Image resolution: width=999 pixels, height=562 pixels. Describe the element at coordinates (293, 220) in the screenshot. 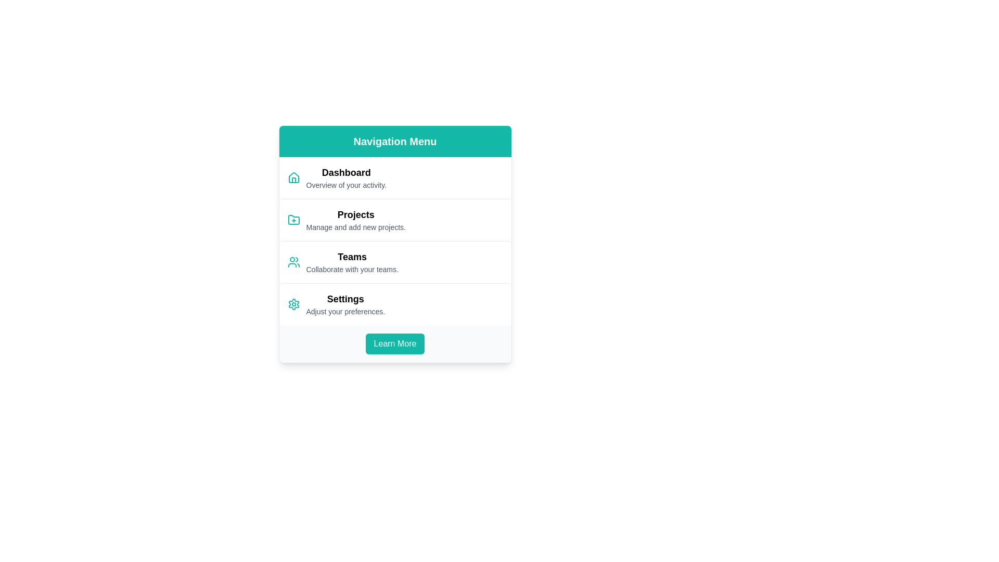

I see `the folder-shaped icon with a plus sign in the 'Projects' section of the navigation menu` at that location.